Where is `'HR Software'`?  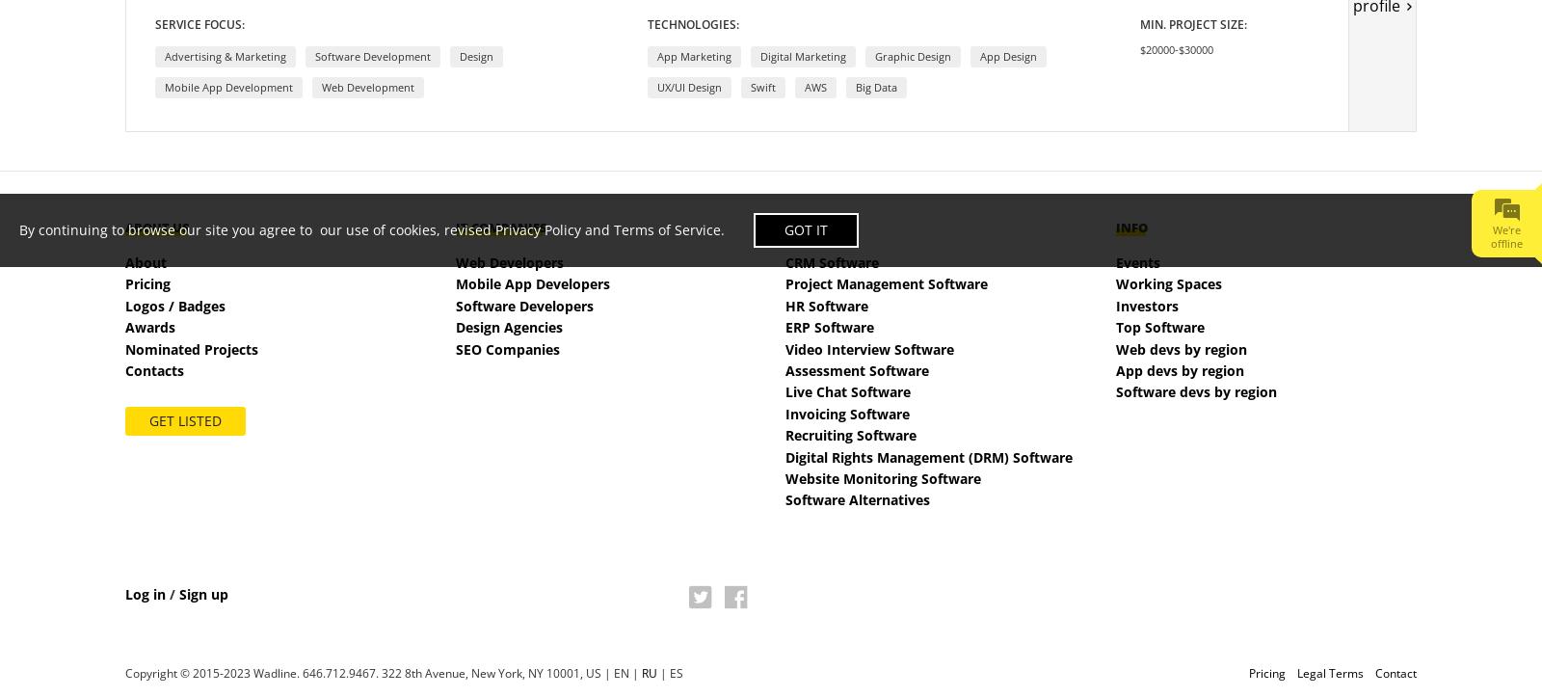
'HR Software' is located at coordinates (826, 305).